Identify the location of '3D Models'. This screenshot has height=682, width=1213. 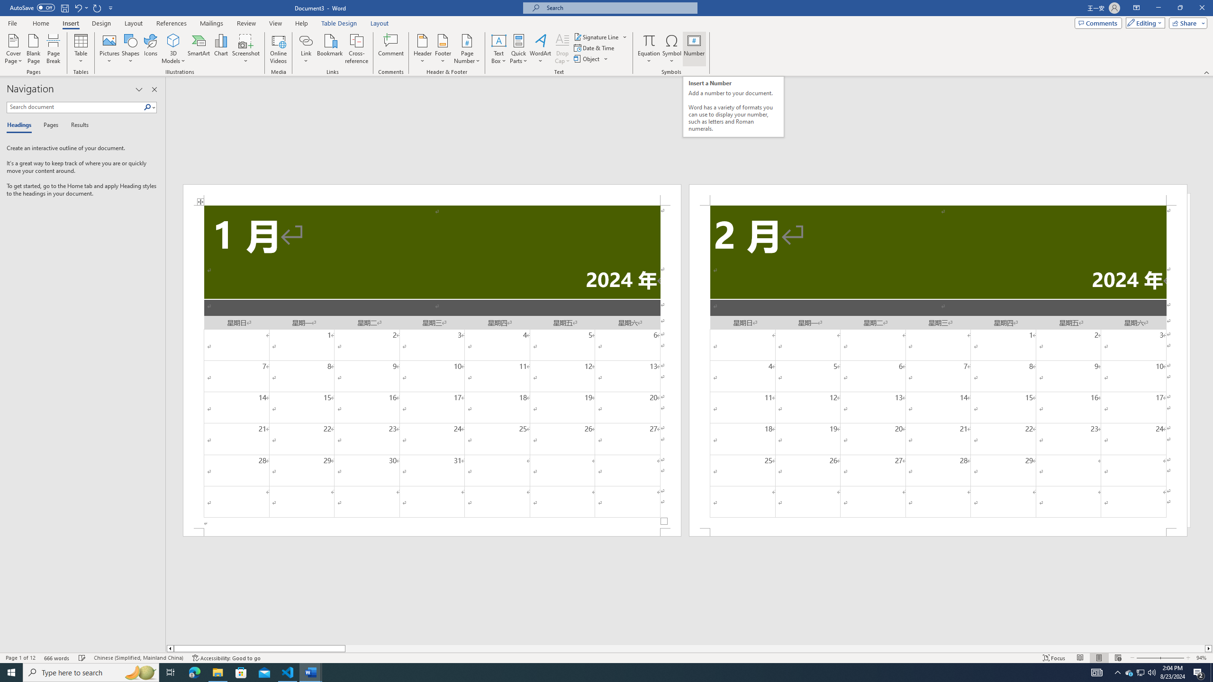
(173, 40).